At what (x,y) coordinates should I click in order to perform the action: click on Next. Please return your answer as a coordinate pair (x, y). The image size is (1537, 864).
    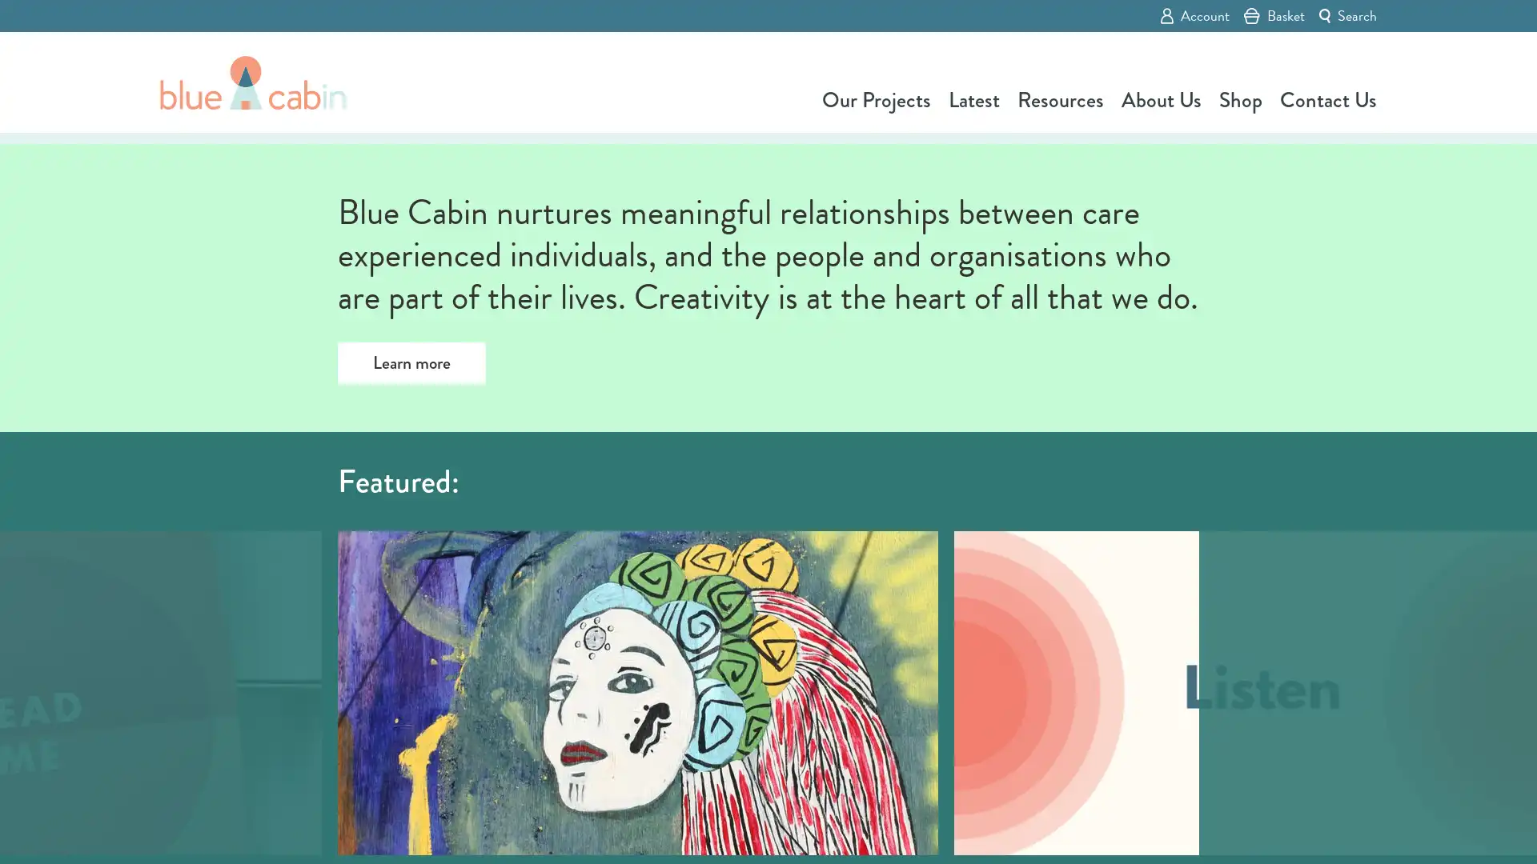
    Looking at the image, I should click on (1230, 762).